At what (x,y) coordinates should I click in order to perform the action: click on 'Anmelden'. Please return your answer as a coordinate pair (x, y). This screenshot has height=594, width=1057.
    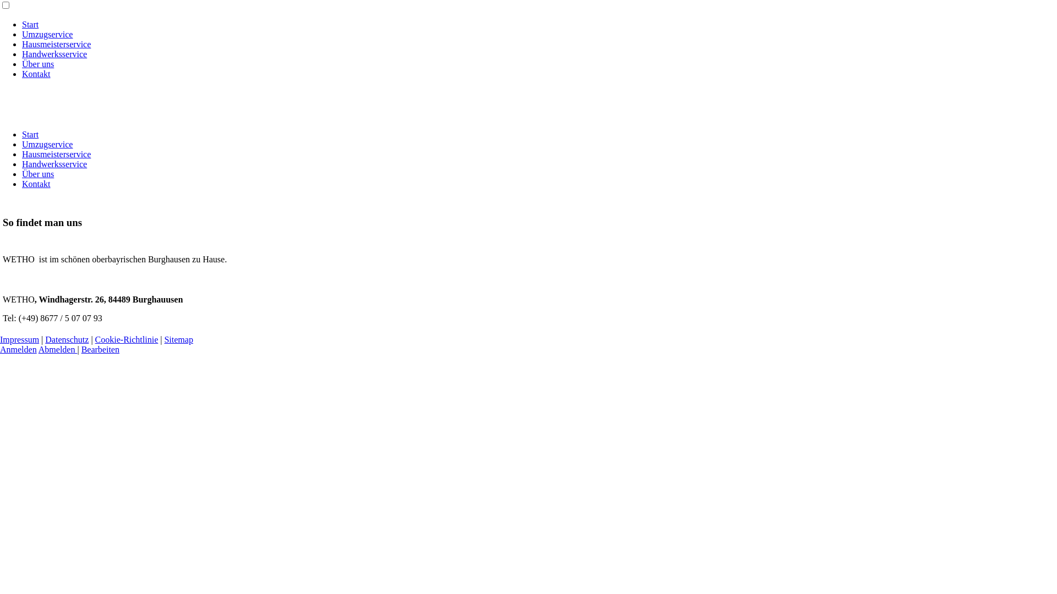
    Looking at the image, I should click on (18, 349).